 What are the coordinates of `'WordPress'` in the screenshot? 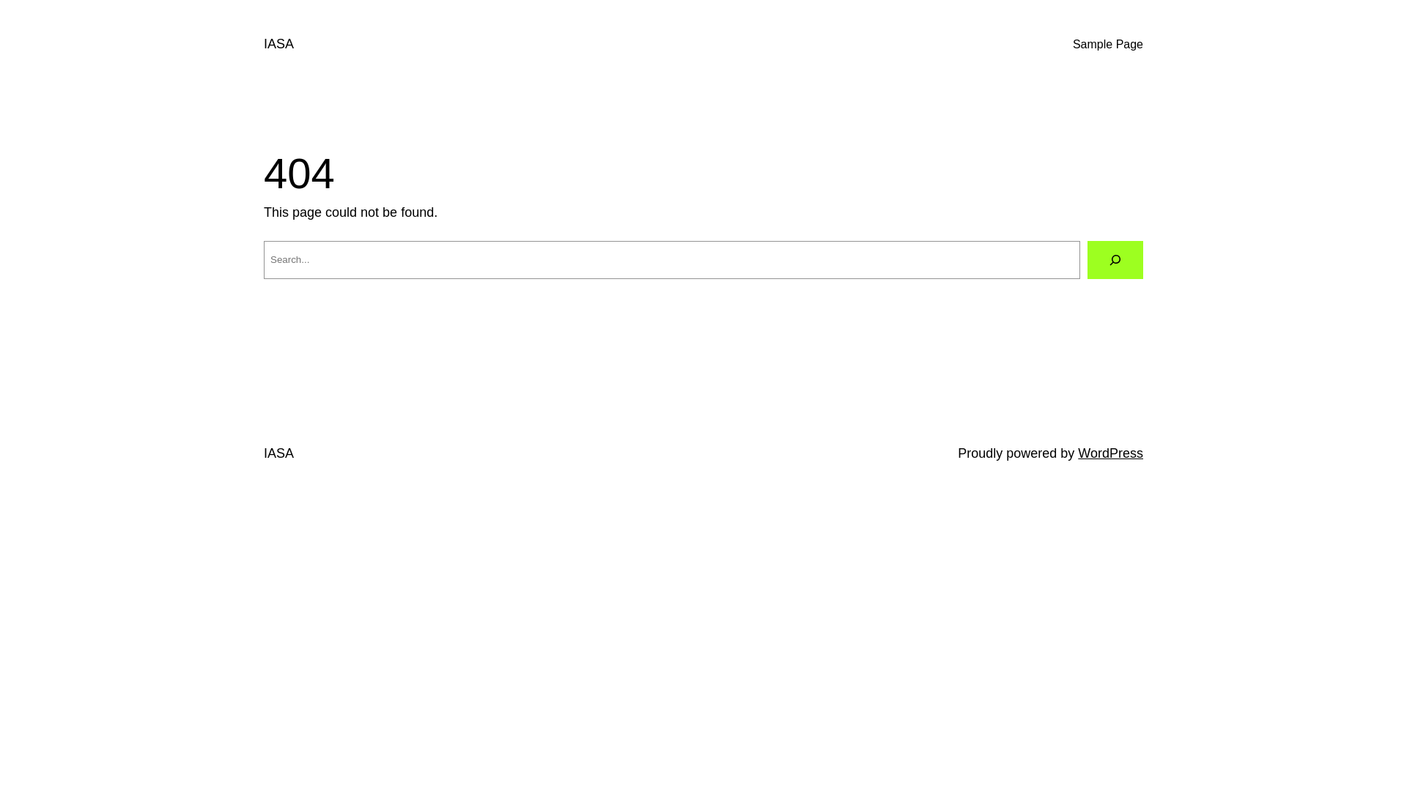 It's located at (1110, 452).